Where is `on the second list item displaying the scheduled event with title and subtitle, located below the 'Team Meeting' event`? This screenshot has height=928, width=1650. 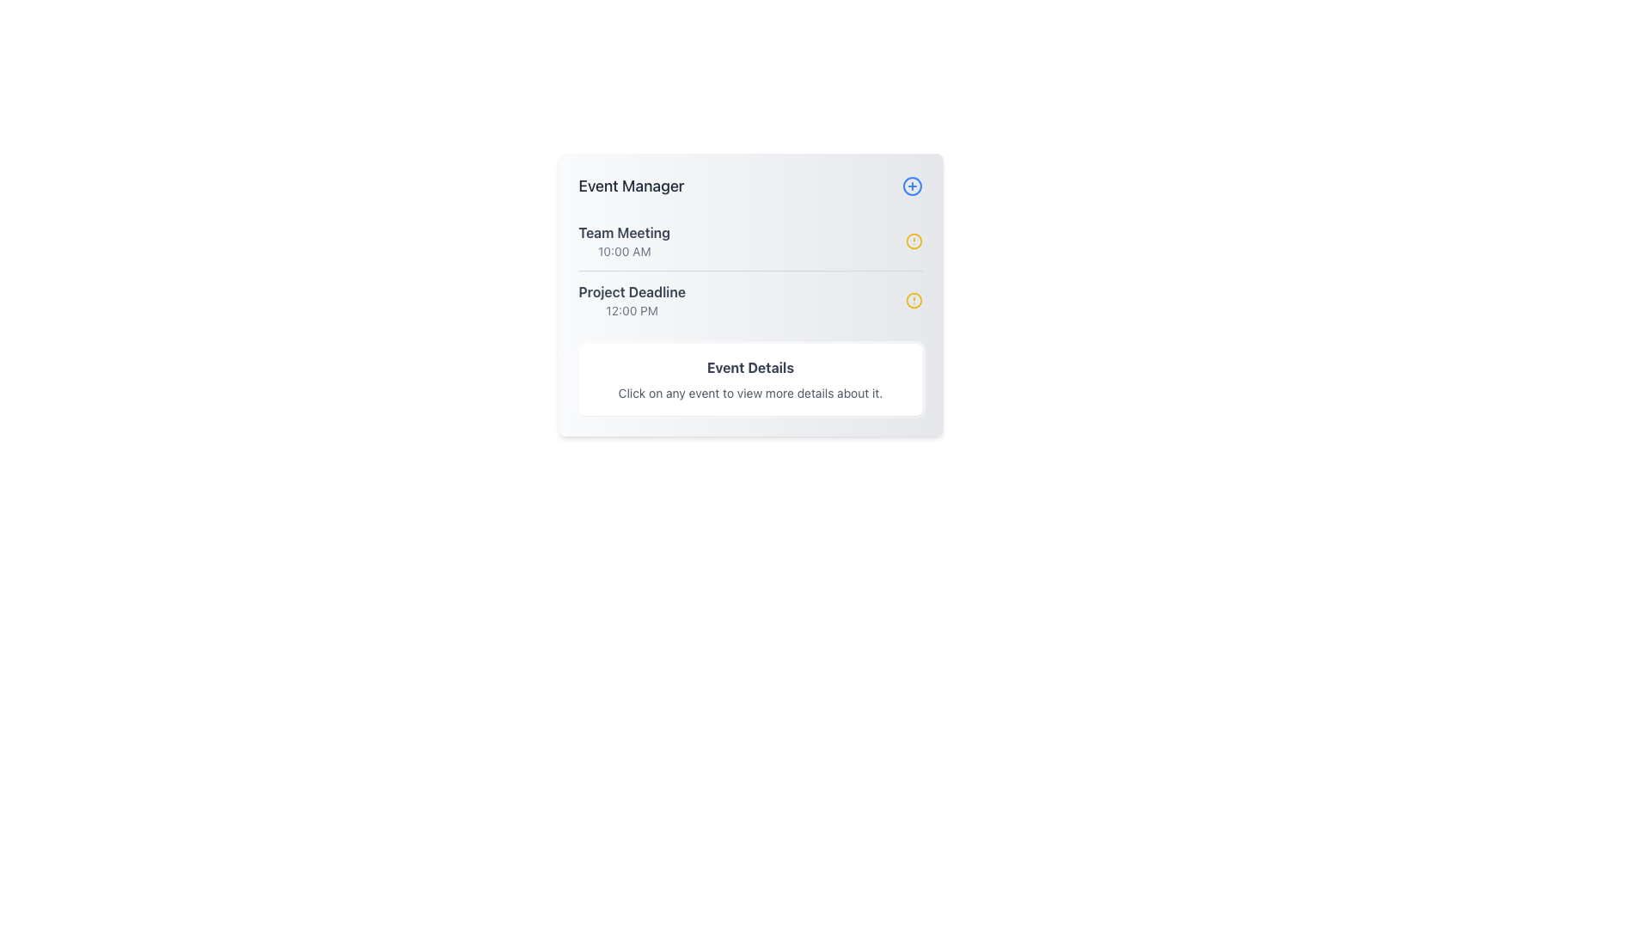
on the second list item displaying the scheduled event with title and subtitle, located below the 'Team Meeting' event is located at coordinates (750, 299).